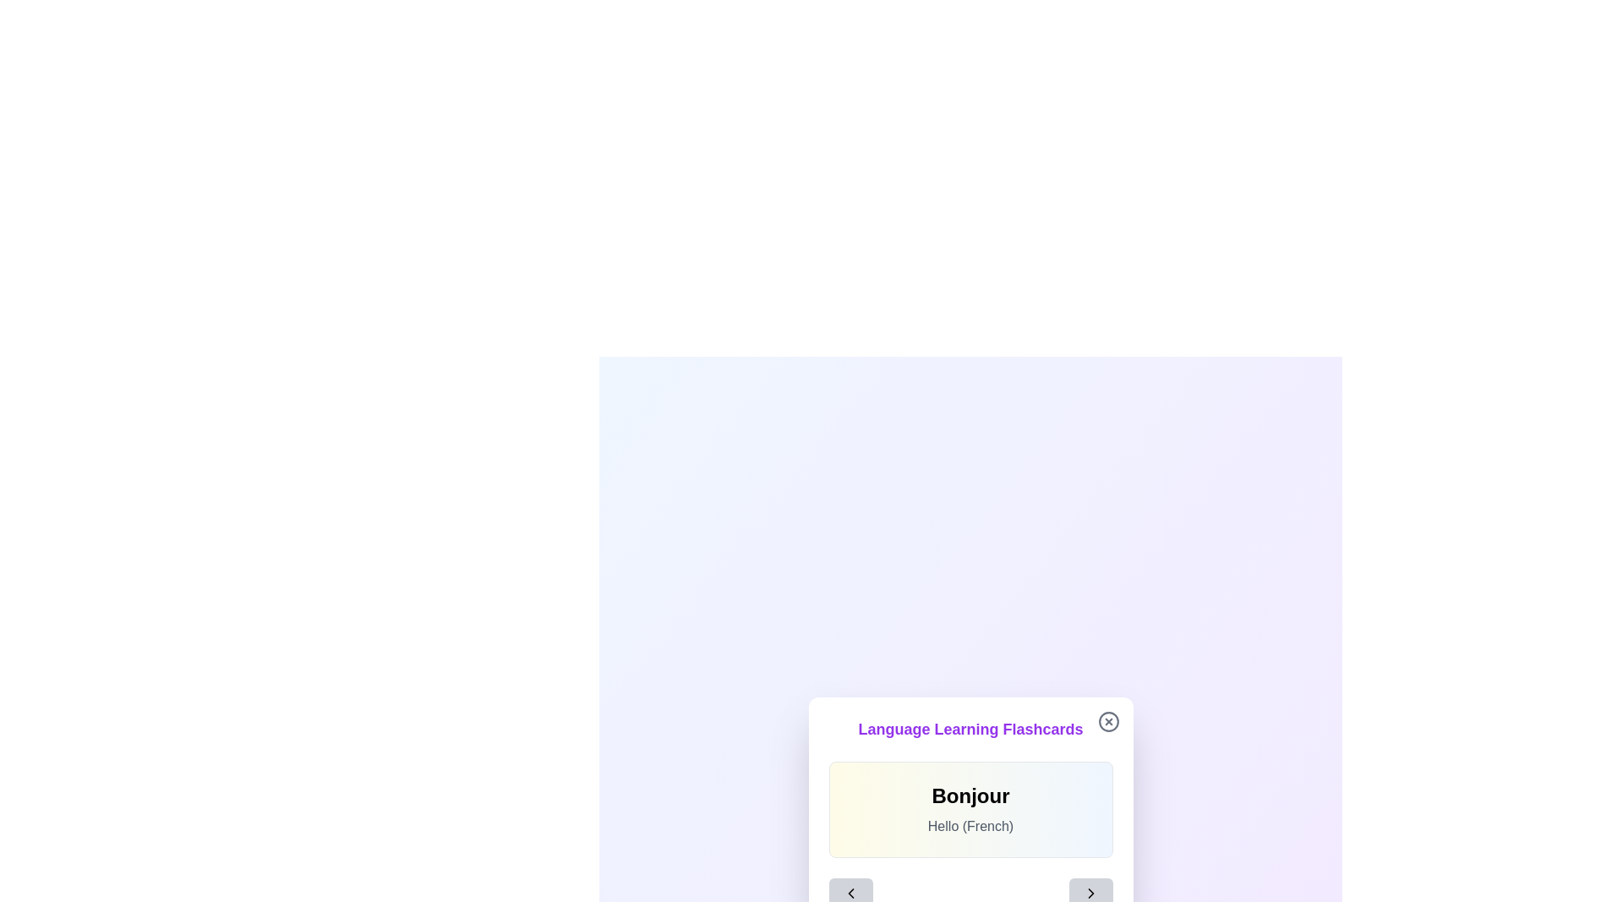  Describe the element at coordinates (1090, 892) in the screenshot. I see `the right-pointing chevron icon located at the bottom-right of the flashcard modal interface` at that location.